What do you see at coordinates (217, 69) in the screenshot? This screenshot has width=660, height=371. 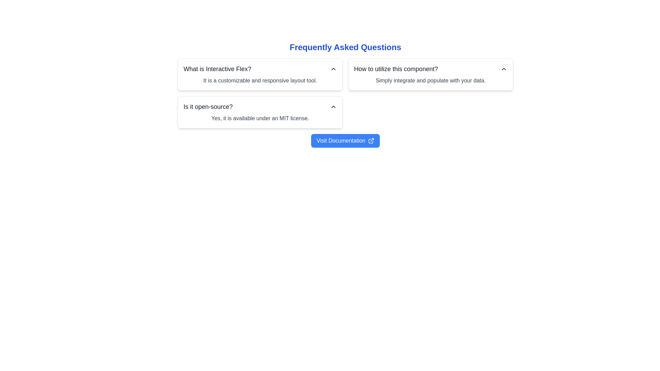 I see `the text label that serves as the header for the FAQ card, located in the top-left section of the FAQ layout, specifically the first card of the left column` at bounding box center [217, 69].